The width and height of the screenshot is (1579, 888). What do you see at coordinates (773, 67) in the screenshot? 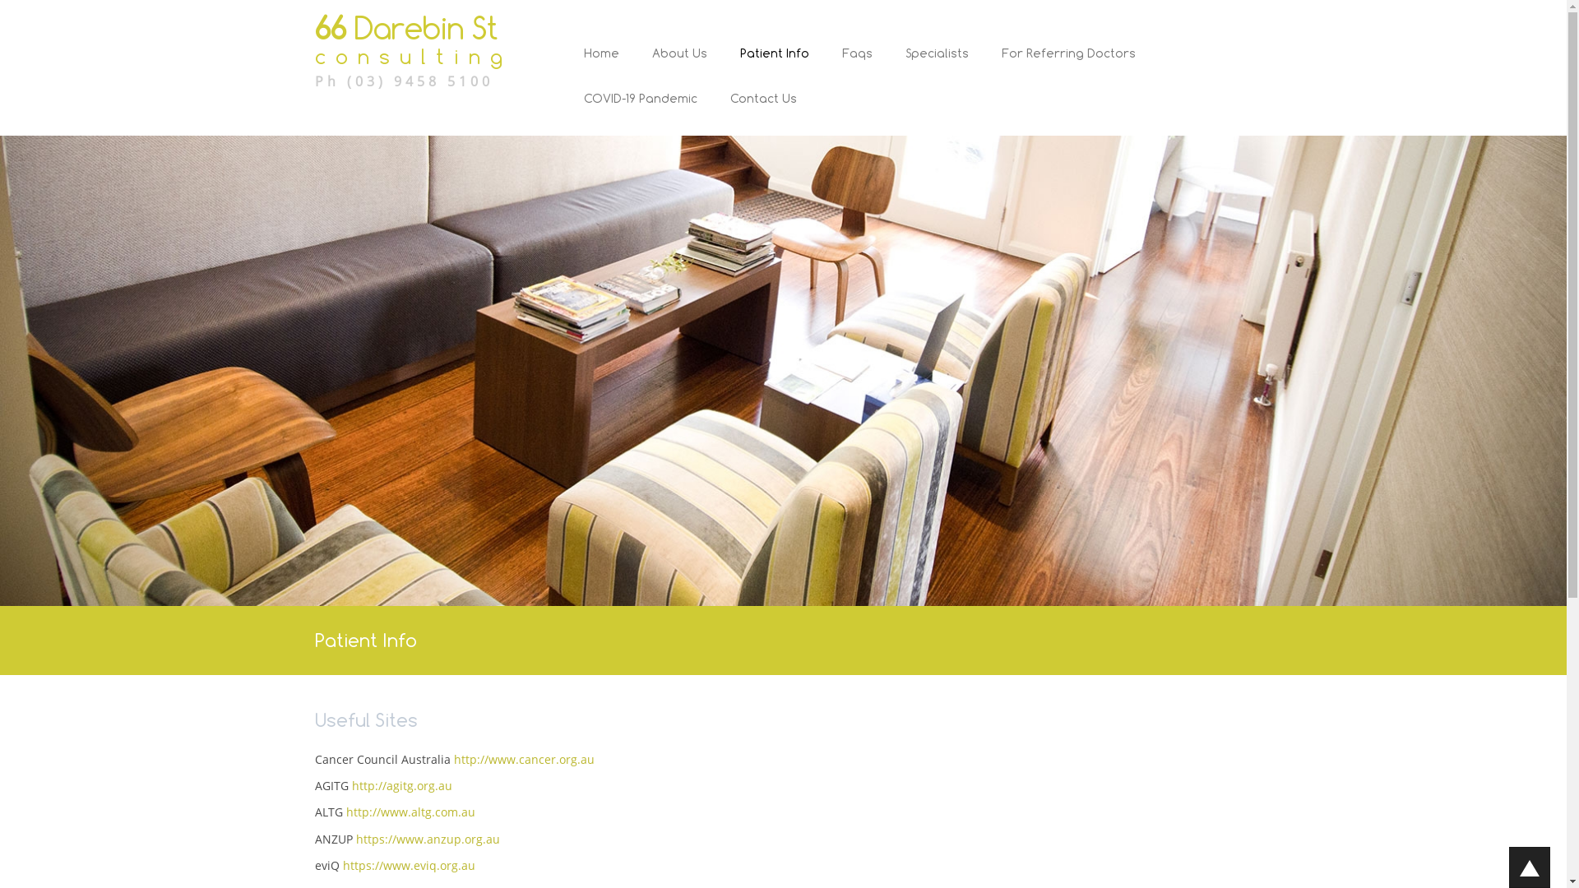
I see `'Patient Info'` at bounding box center [773, 67].